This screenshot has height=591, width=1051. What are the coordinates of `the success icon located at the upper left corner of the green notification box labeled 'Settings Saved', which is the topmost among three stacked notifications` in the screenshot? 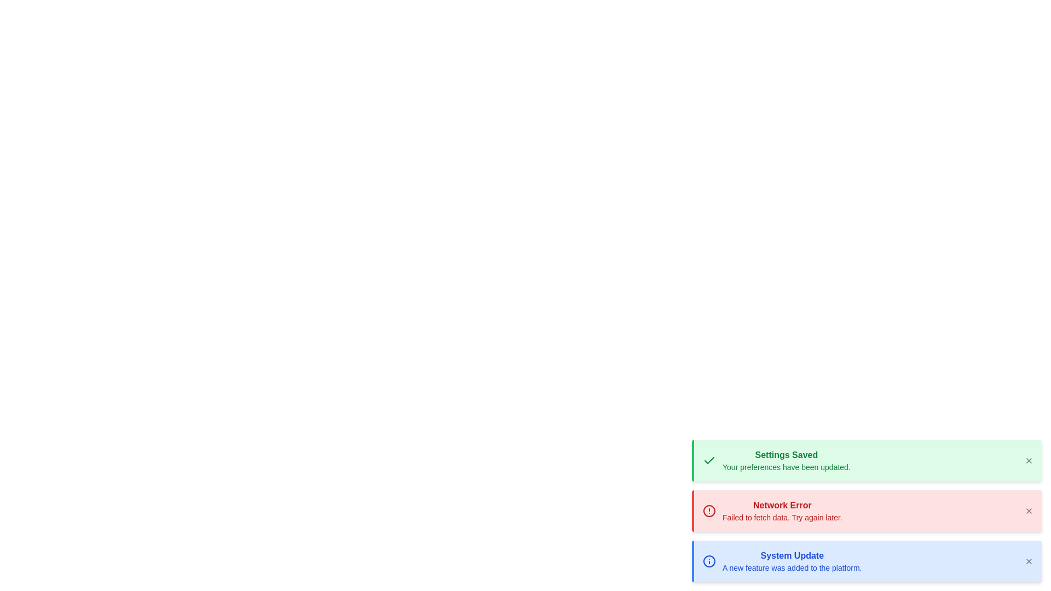 It's located at (709, 460).